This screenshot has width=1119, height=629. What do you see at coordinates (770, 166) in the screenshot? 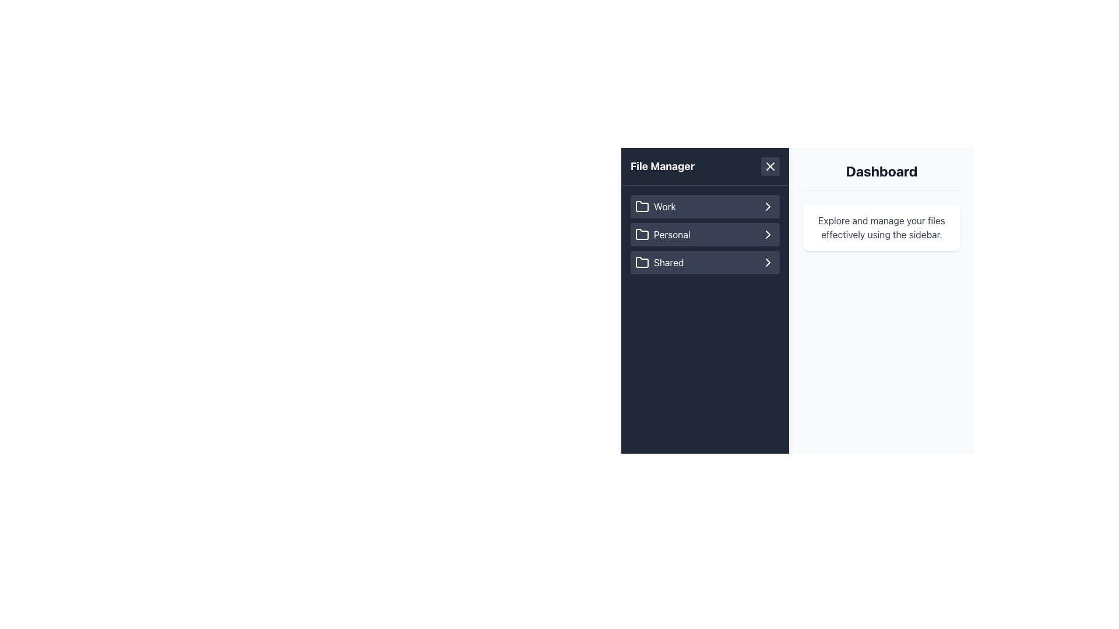
I see `the close button located at the top-right corner of the 'File Manager' panel` at bounding box center [770, 166].